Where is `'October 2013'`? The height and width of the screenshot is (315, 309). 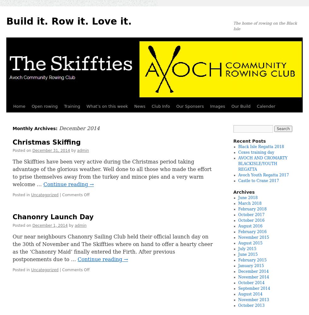 'October 2013' is located at coordinates (251, 305).